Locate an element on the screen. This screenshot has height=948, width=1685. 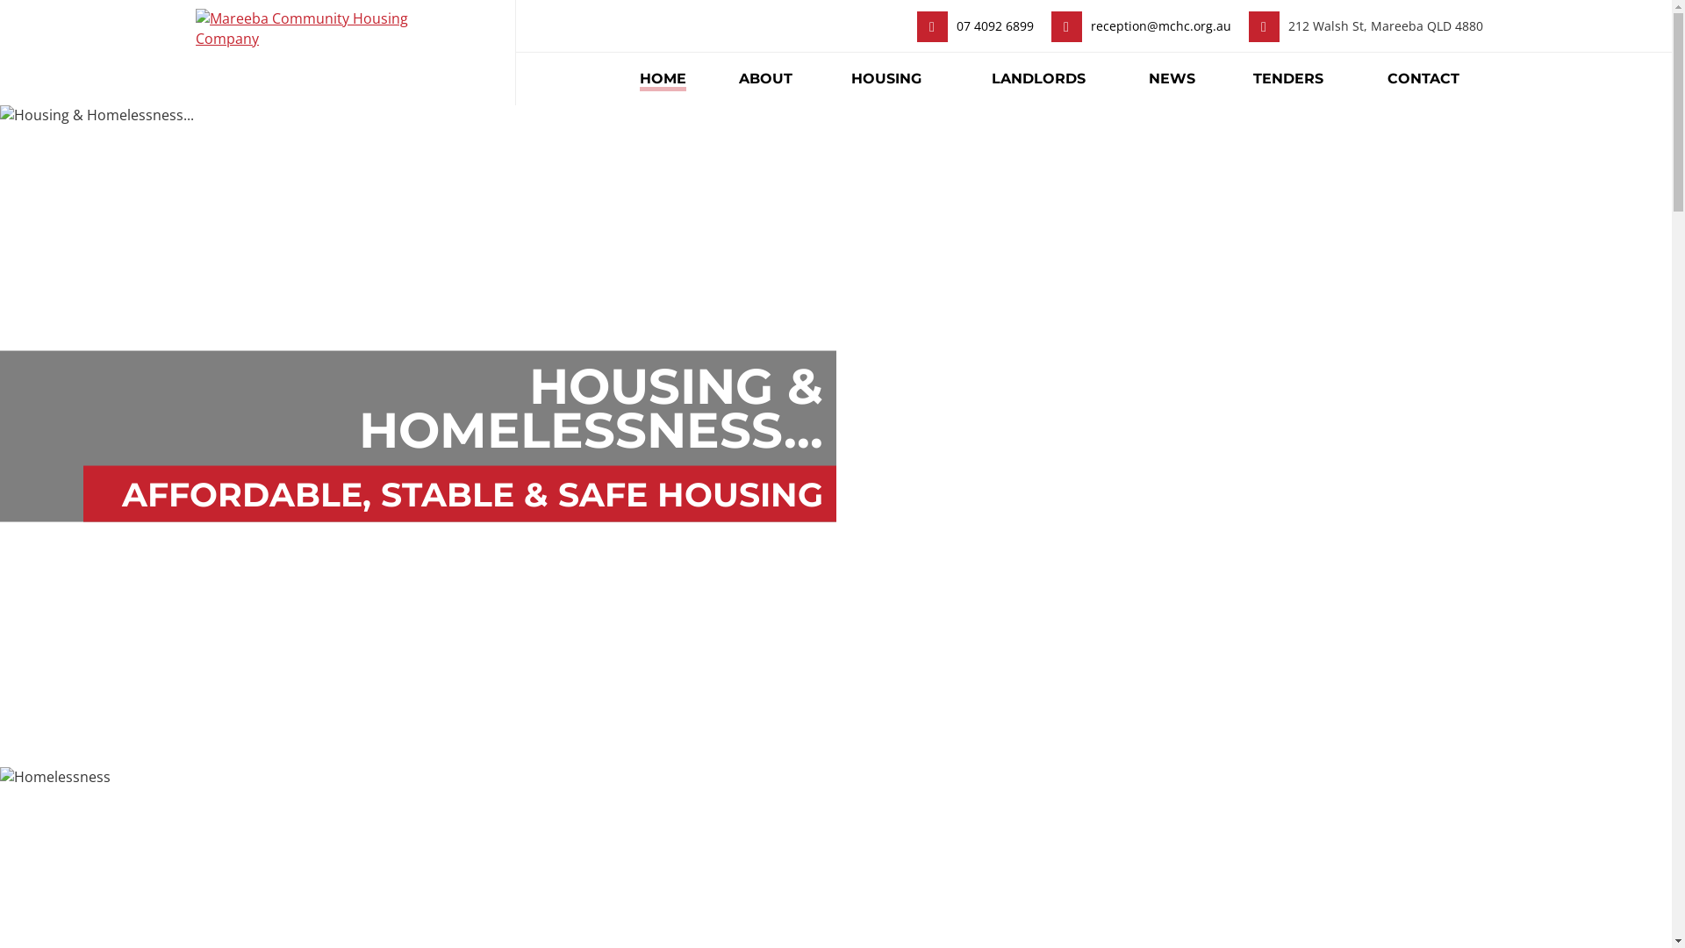
'HOME' is located at coordinates (623, 77).